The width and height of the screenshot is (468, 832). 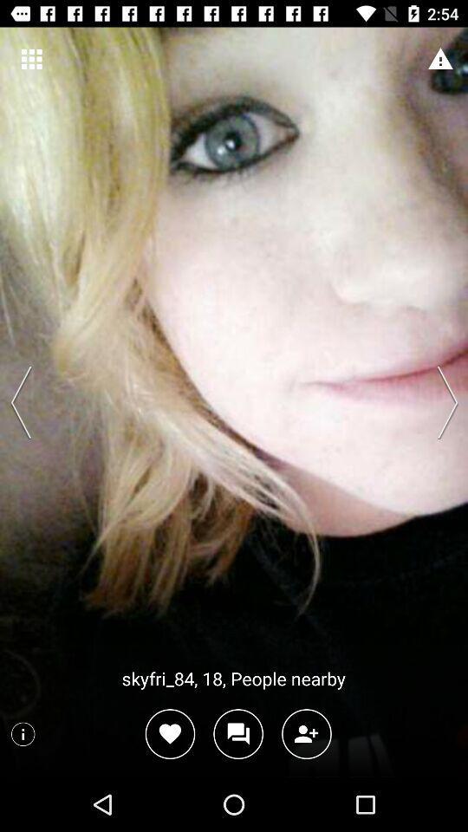 What do you see at coordinates (170, 733) in the screenshot?
I see `match` at bounding box center [170, 733].